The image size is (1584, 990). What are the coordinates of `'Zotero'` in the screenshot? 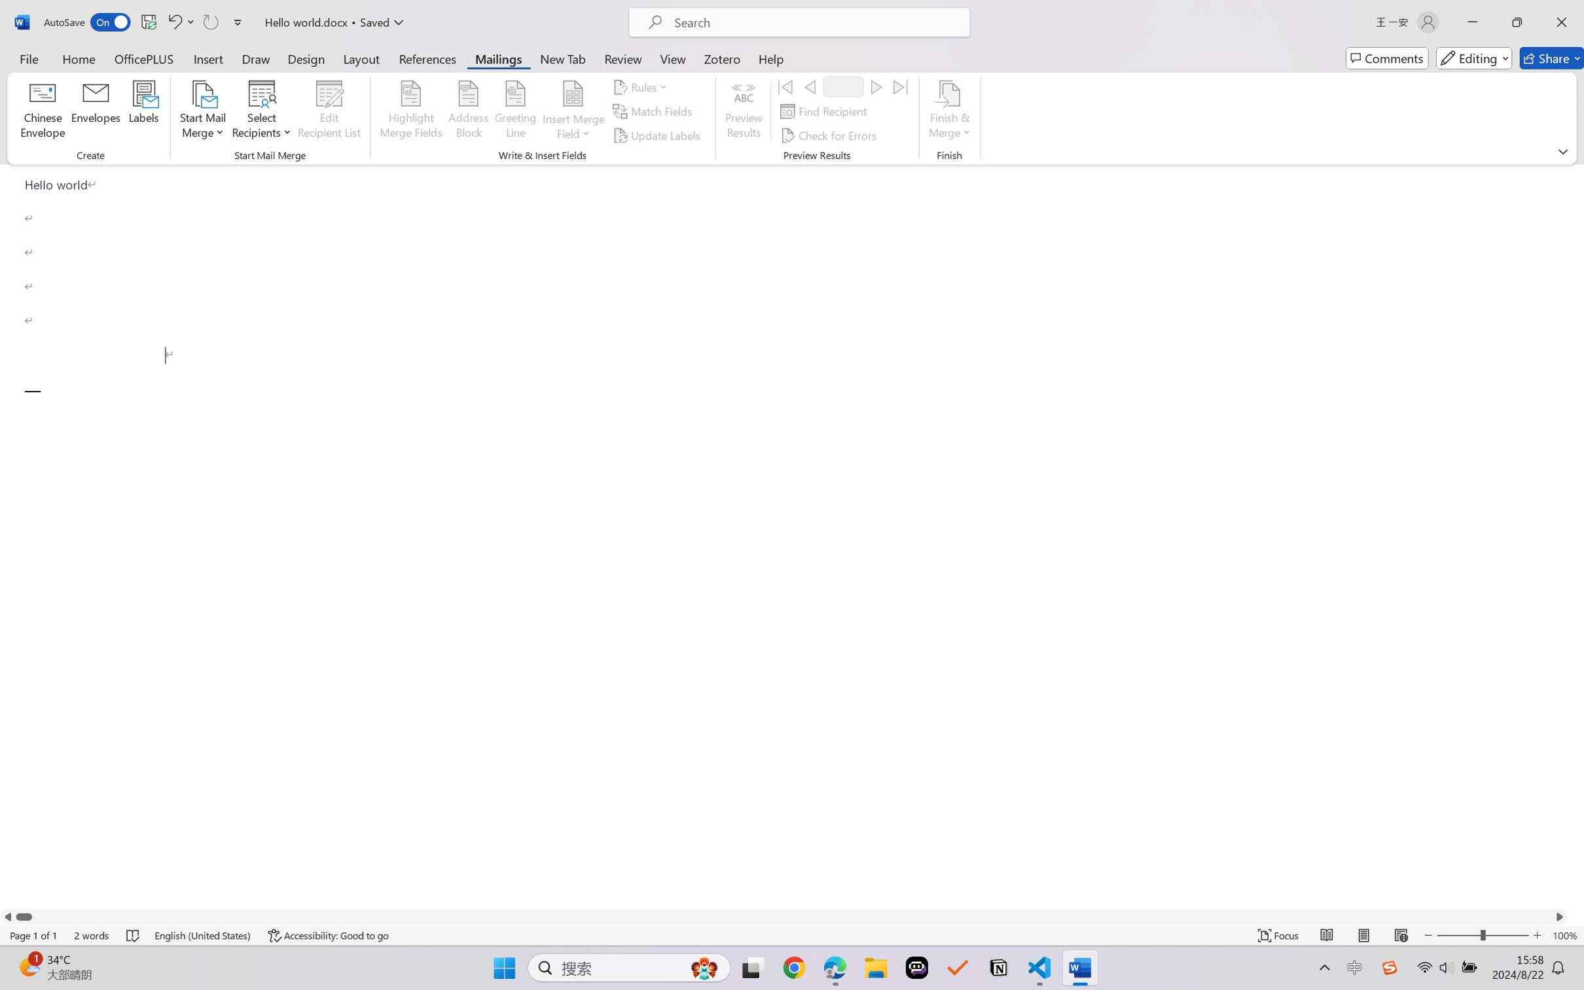 It's located at (721, 58).